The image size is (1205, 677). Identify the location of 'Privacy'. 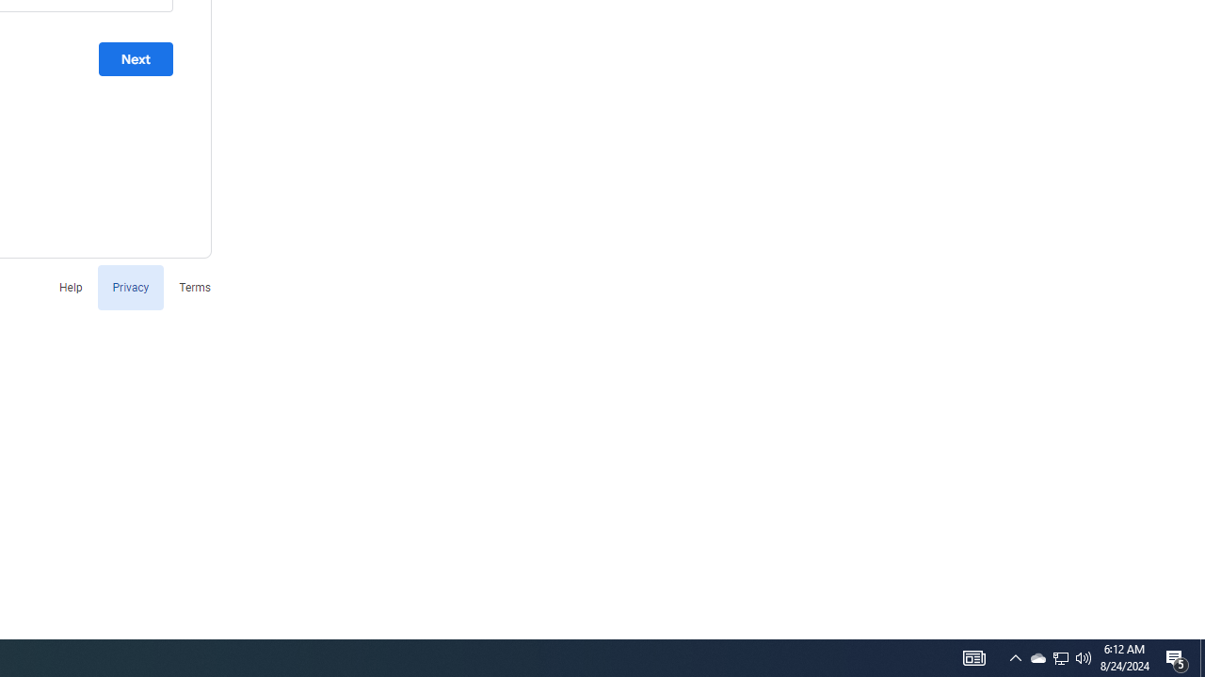
(129, 287).